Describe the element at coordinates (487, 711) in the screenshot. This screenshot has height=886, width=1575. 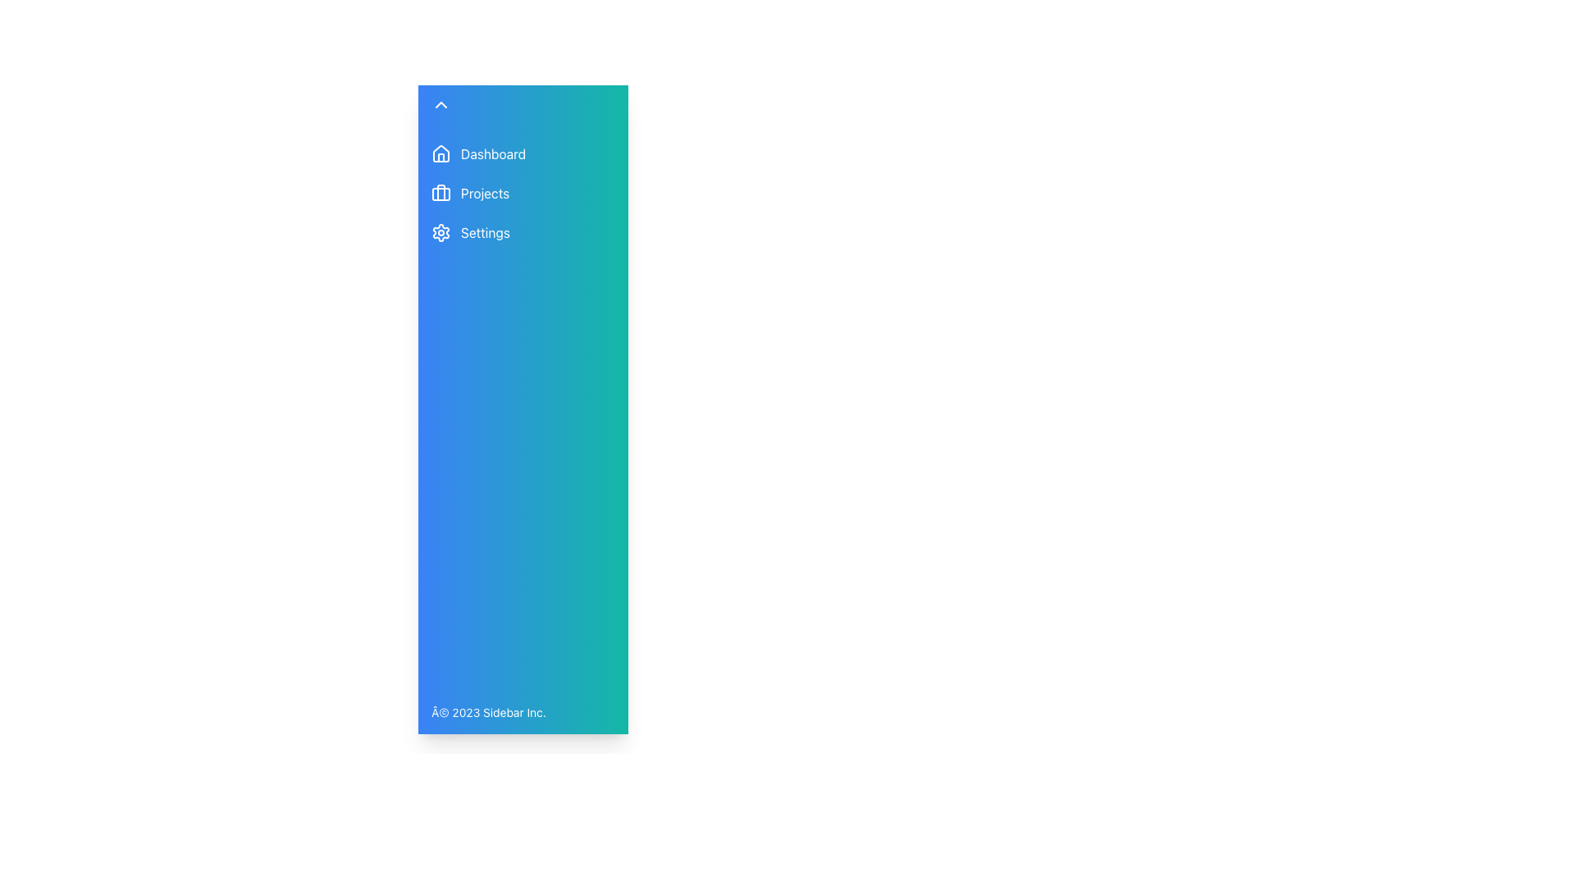
I see `the copyright notice text at the bottom of the sidebar, which conveys ownership information about the Sidebar Inc. application for the year 2023` at that location.